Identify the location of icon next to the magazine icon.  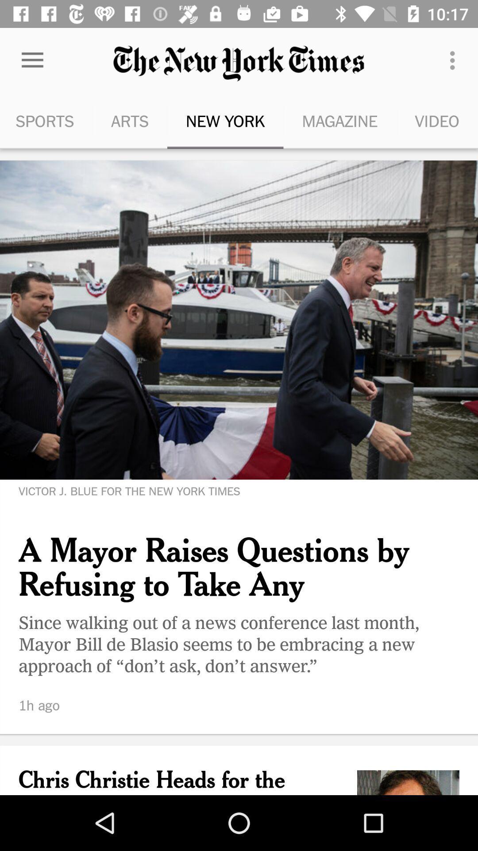
(436, 121).